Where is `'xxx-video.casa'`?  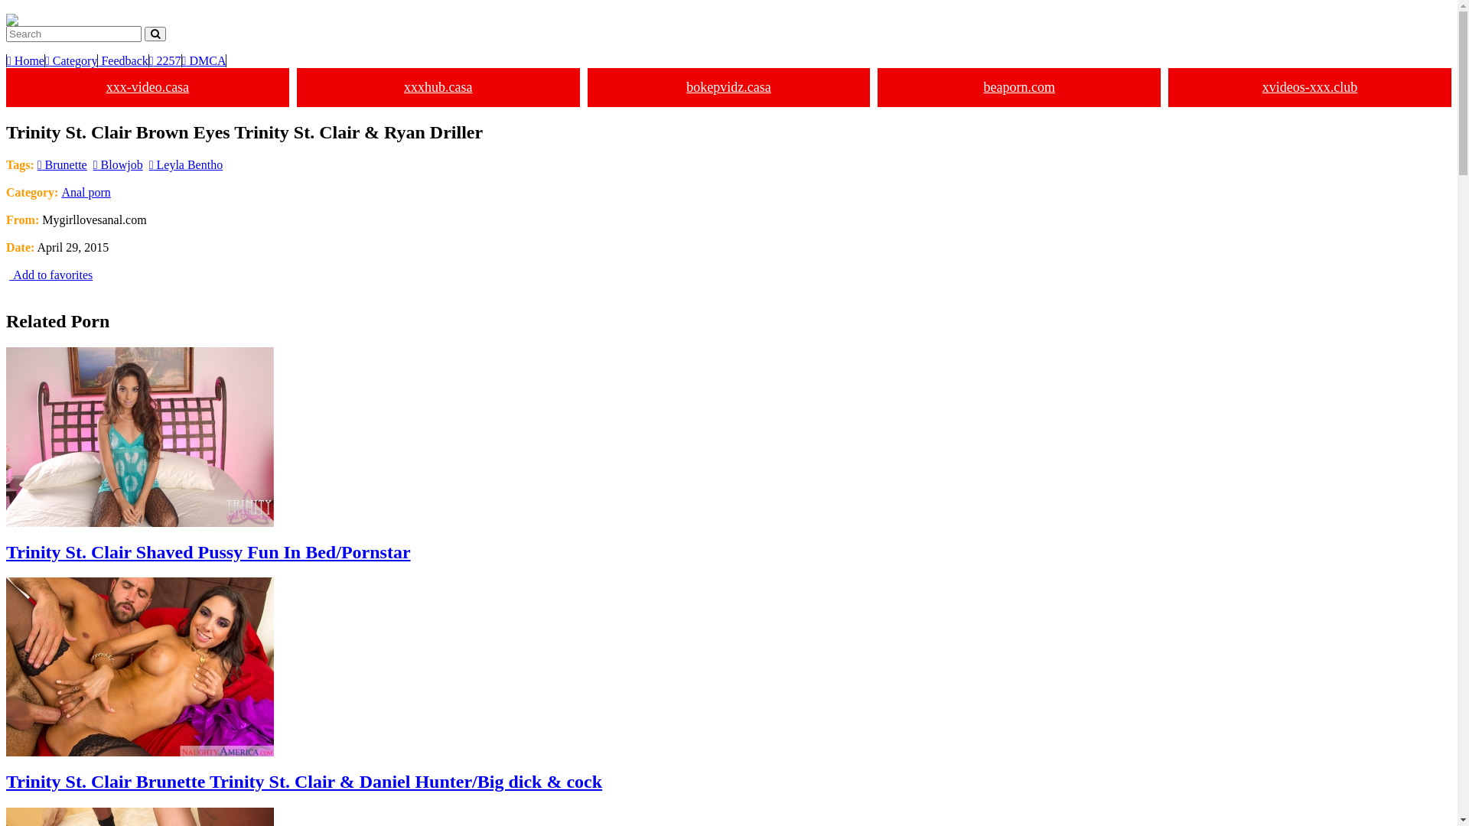
'xxx-video.casa' is located at coordinates (6, 87).